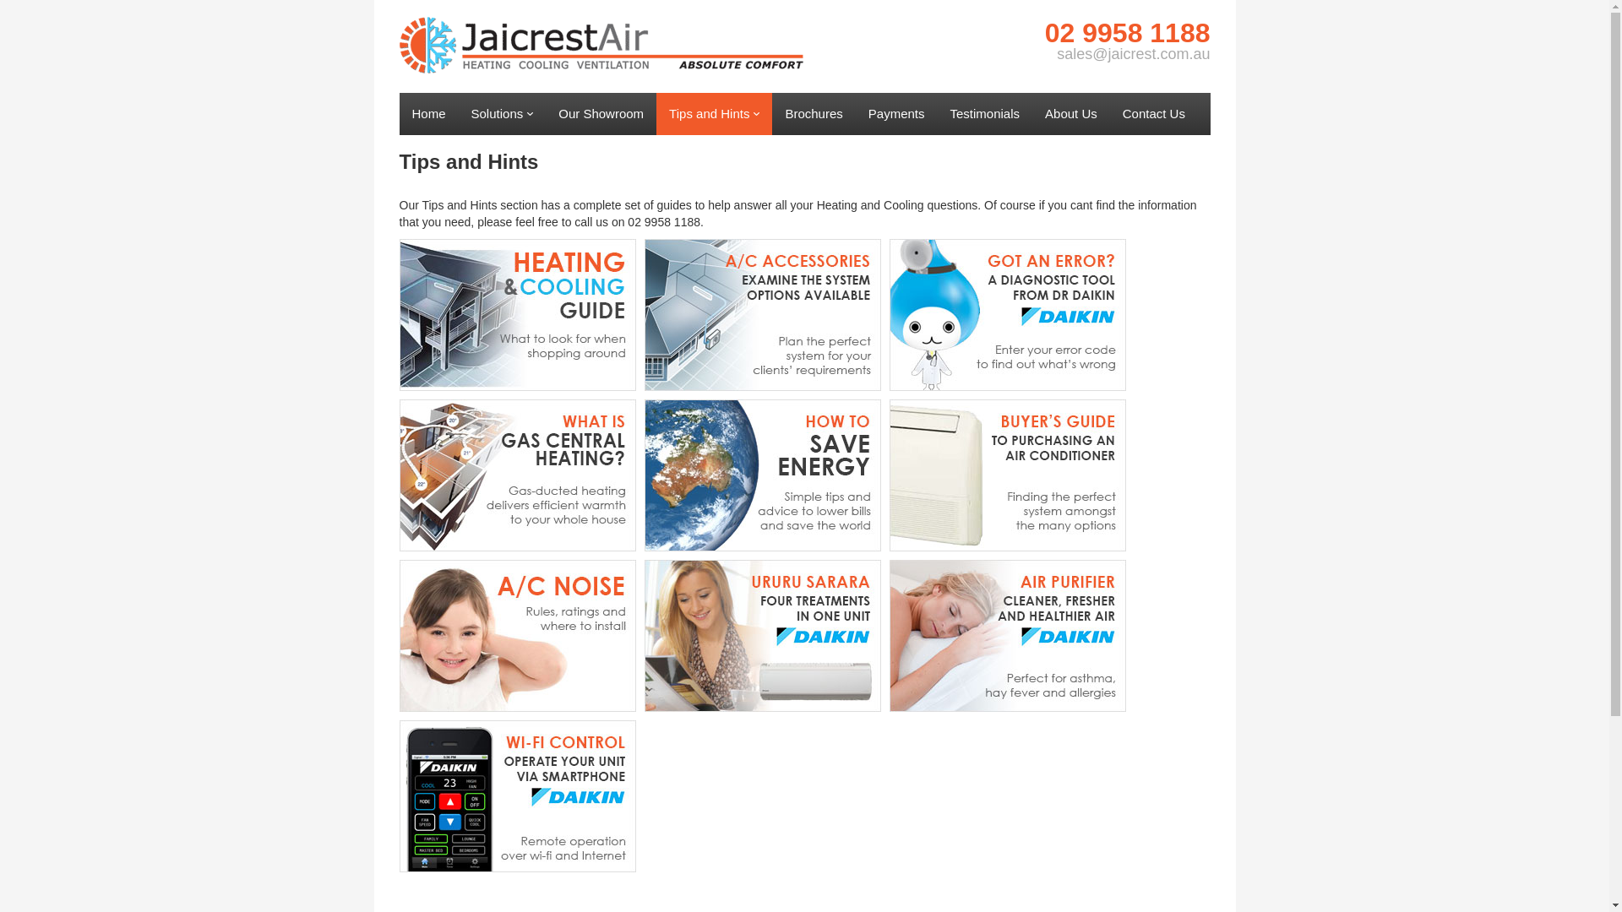 Image resolution: width=1622 pixels, height=912 pixels. Describe the element at coordinates (770, 114) in the screenshot. I see `'Brochures'` at that location.